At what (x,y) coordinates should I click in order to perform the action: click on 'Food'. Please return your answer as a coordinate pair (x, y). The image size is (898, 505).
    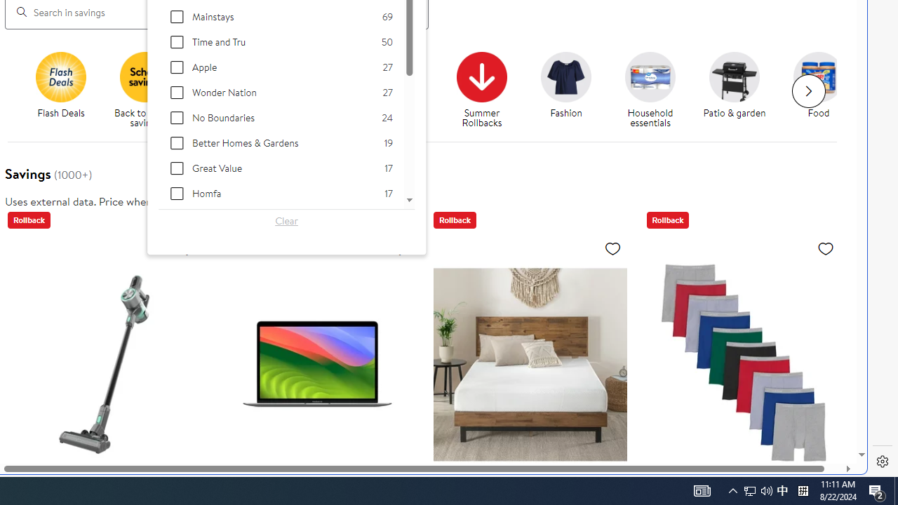
    Looking at the image, I should click on (819, 76).